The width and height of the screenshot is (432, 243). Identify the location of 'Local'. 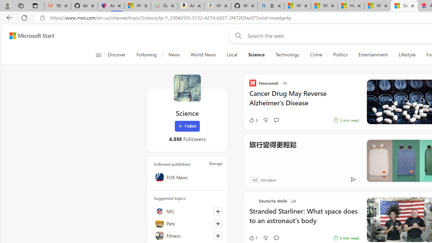
(232, 55).